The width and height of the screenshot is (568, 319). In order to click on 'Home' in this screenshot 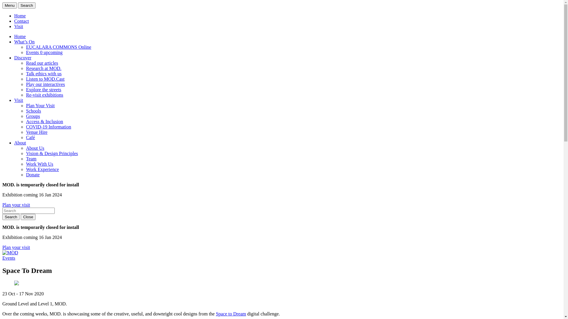, I will do `click(14, 15)`.